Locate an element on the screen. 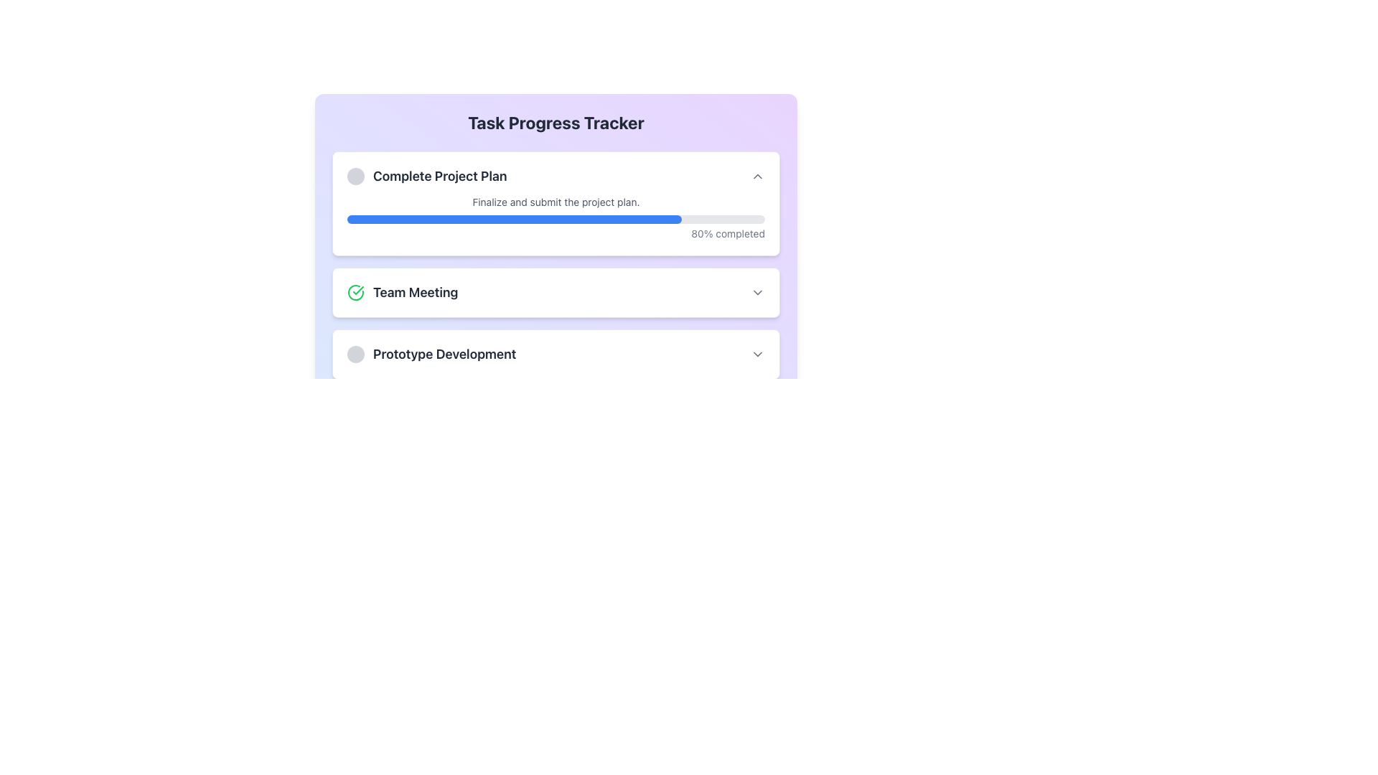 The width and height of the screenshot is (1378, 775). the static text that provides descriptive information for the task labeled 'Complete Project Plan', which is positioned below the title and above a progress bar is located at coordinates (555, 202).